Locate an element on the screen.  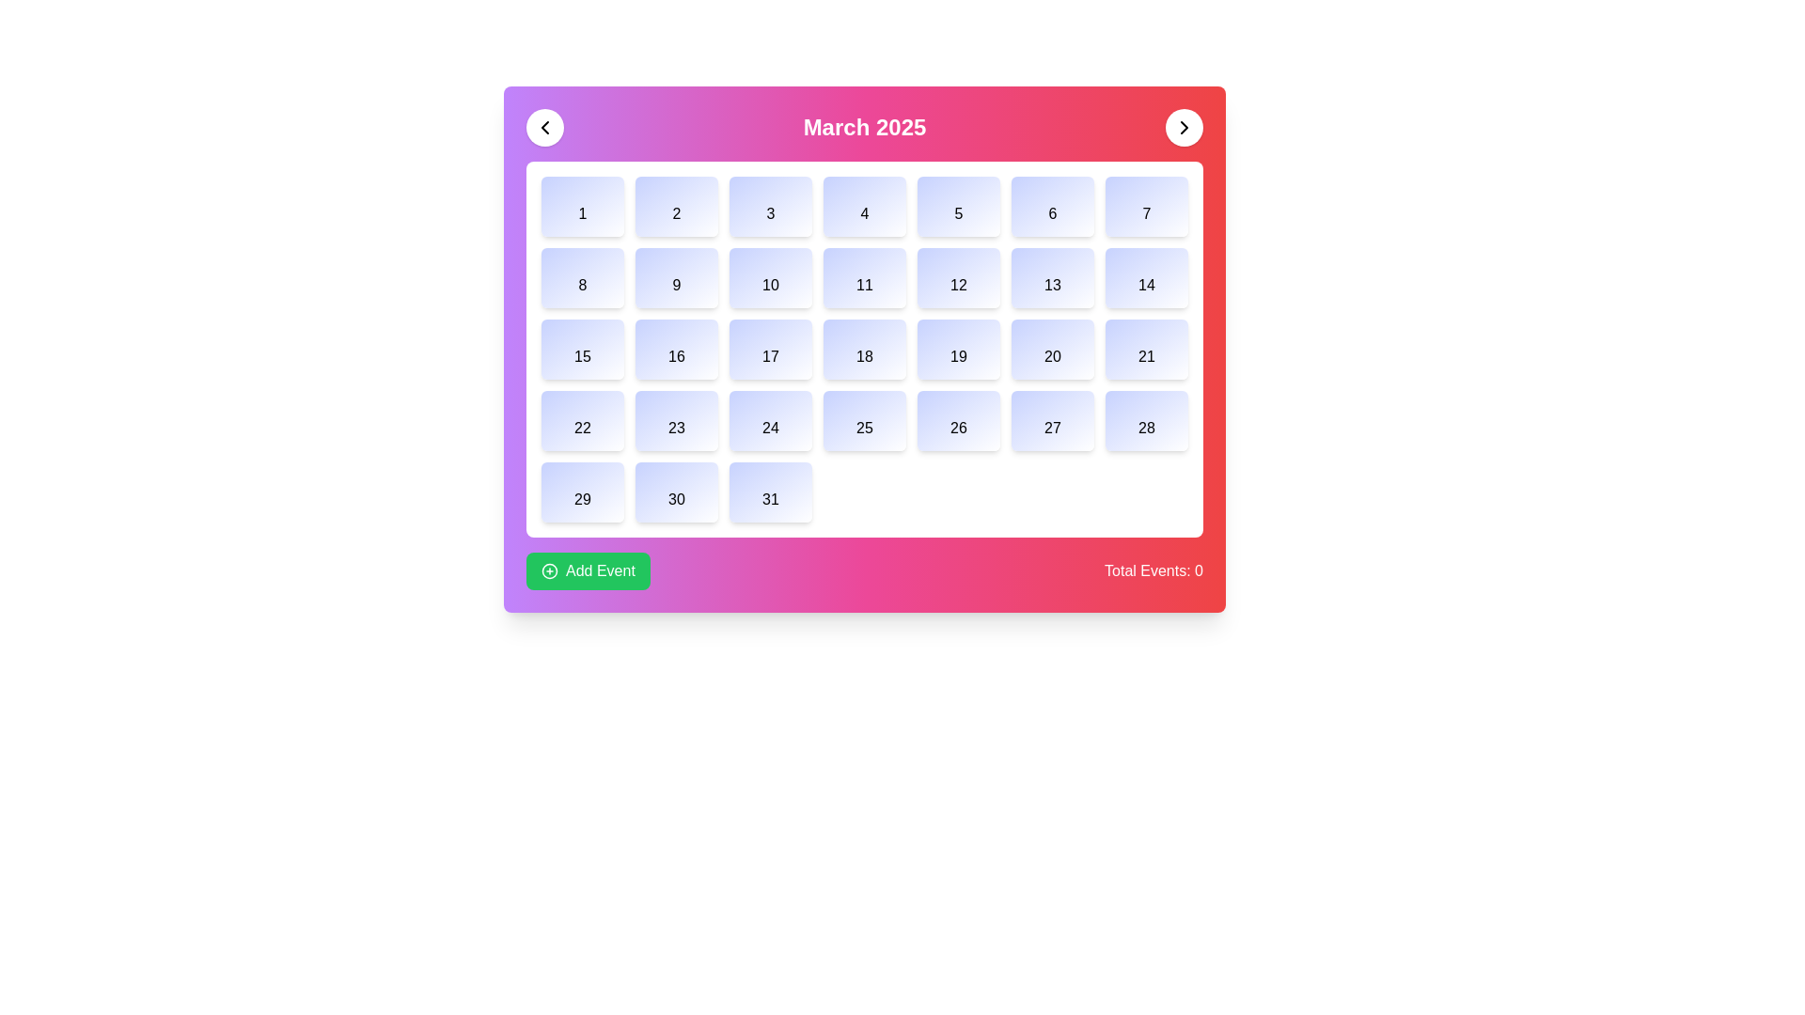
the number 22 displayed as a calendar date, located in the grid layout of the calendar interface, specifically positioned as the first item in the last row below the numbers 15 and 29 is located at coordinates (581, 419).